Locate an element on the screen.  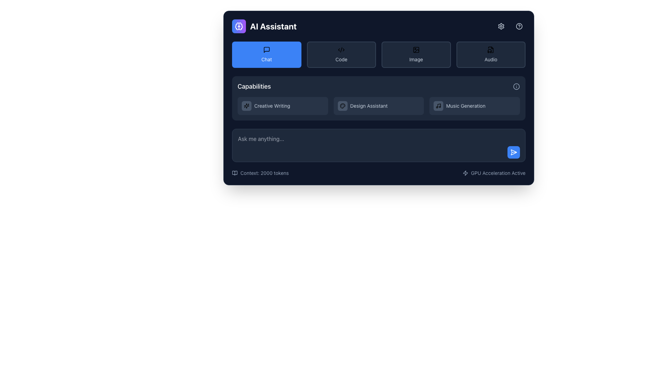
the 'Design Assistant' button-like label, which features a small design icon on the left and light-colored text on a dark background is located at coordinates (378, 106).